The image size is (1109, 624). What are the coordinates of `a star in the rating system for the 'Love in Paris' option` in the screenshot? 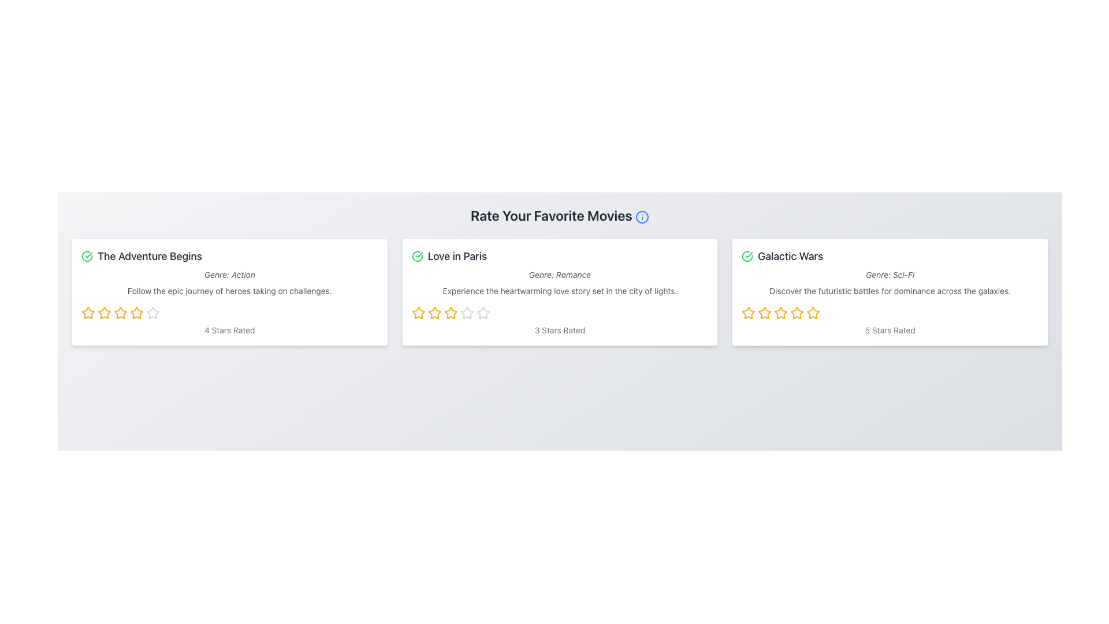 It's located at (560, 313).